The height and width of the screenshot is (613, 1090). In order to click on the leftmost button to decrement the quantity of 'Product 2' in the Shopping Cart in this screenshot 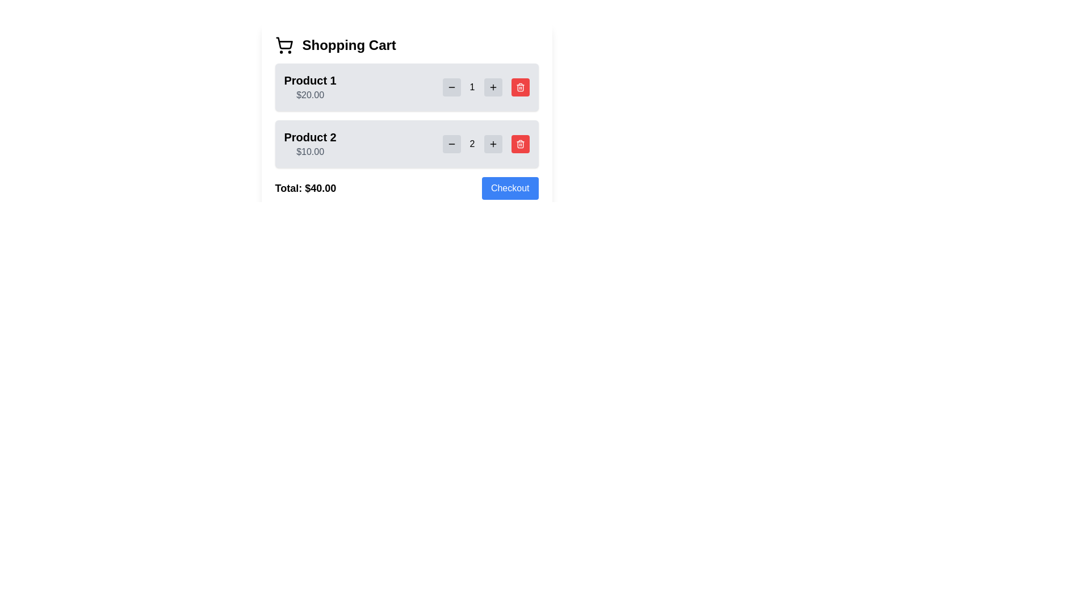, I will do `click(451, 144)`.